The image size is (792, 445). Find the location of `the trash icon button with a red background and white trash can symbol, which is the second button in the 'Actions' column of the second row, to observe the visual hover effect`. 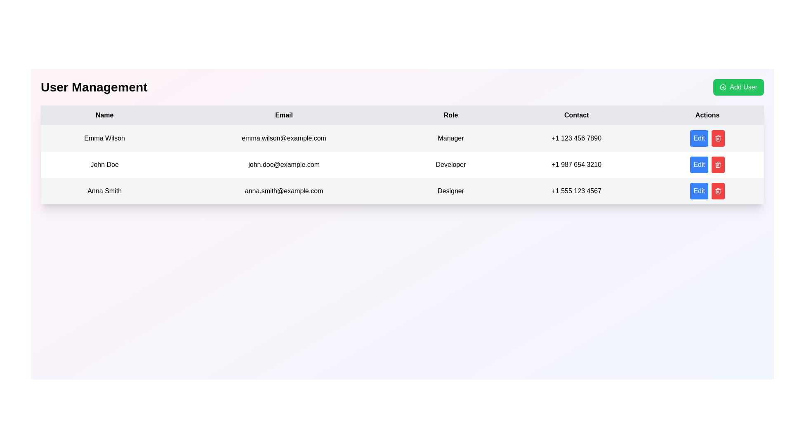

the trash icon button with a red background and white trash can symbol, which is the second button in the 'Actions' column of the second row, to observe the visual hover effect is located at coordinates (718, 138).